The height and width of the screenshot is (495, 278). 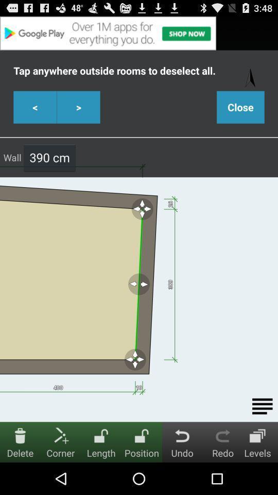 I want to click on advertisement, so click(x=139, y=33).